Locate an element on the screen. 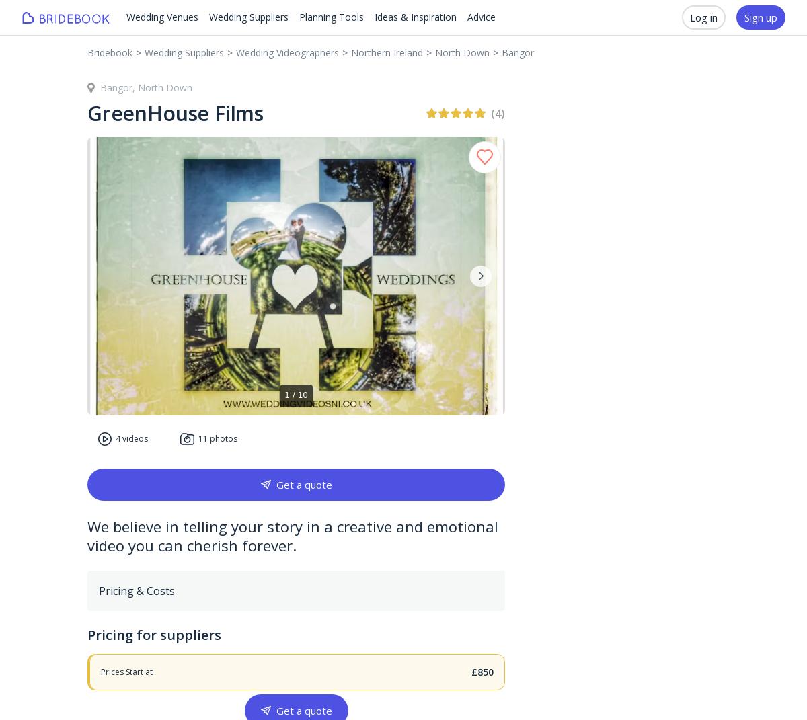  'Wedding Videographers' is located at coordinates (287, 52).